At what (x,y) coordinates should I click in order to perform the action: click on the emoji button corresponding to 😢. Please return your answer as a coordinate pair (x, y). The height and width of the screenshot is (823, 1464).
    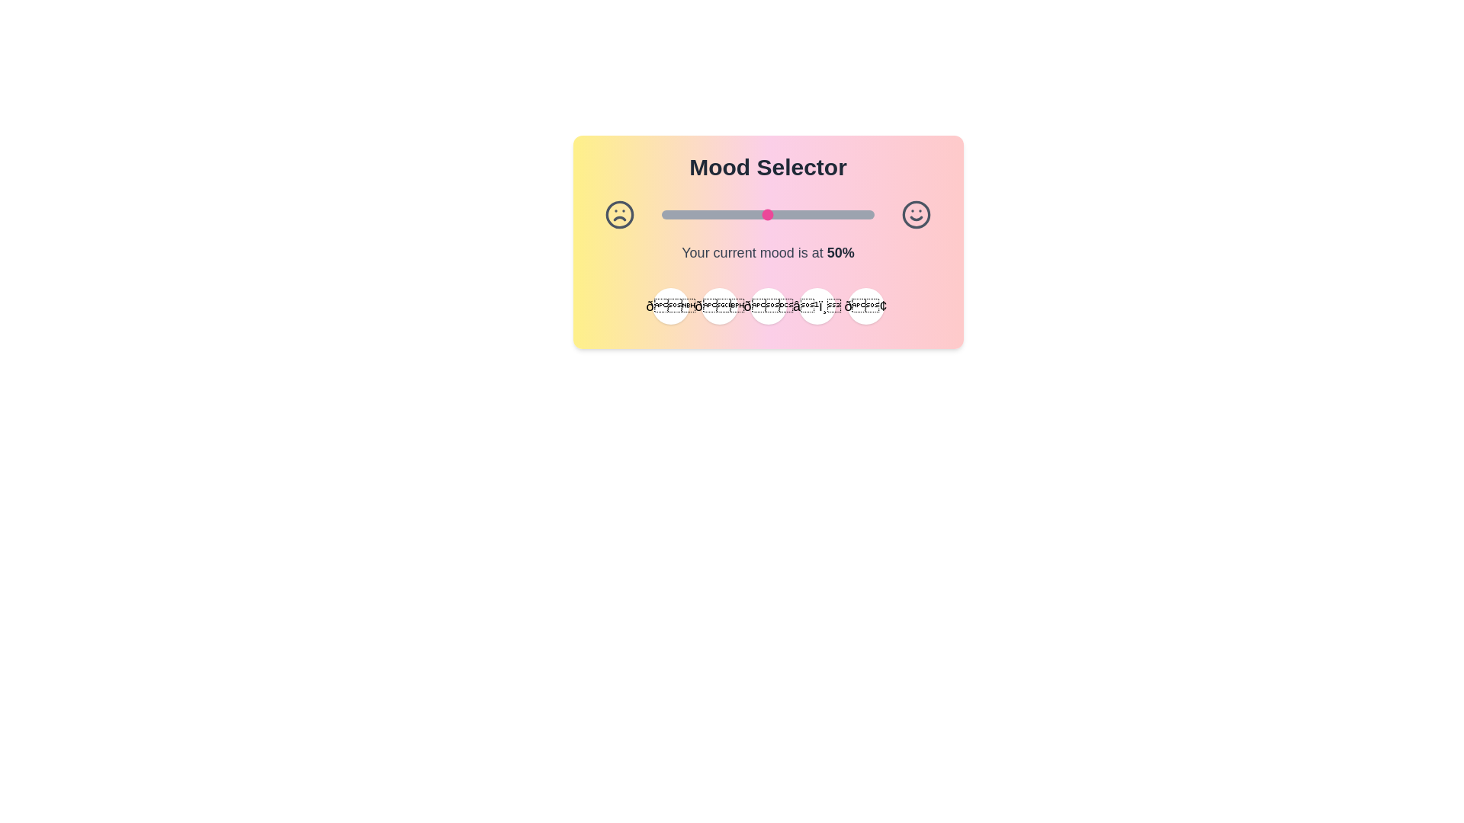
    Looking at the image, I should click on (865, 306).